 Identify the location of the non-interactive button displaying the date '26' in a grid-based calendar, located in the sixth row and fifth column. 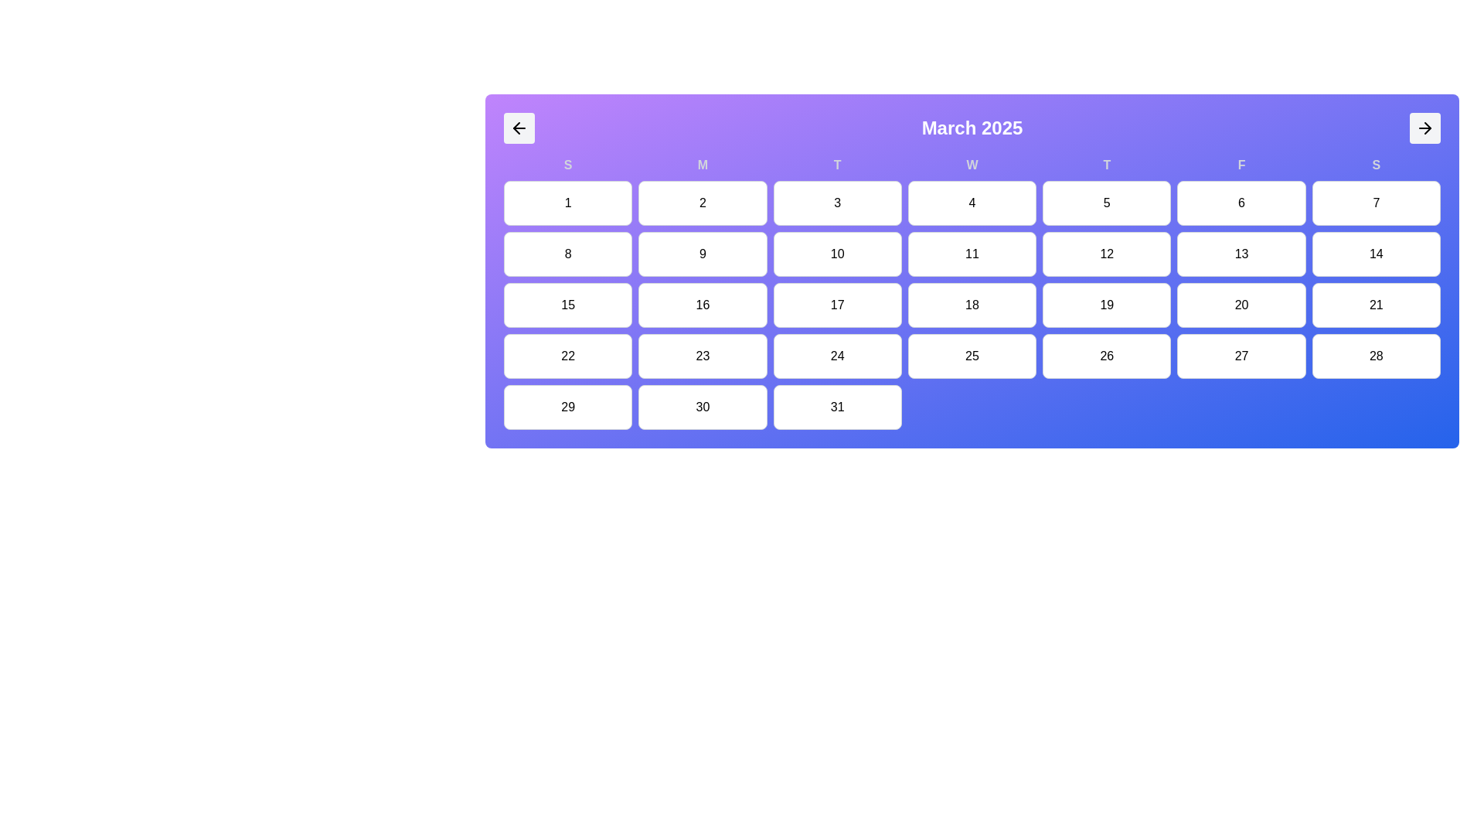
(1106, 356).